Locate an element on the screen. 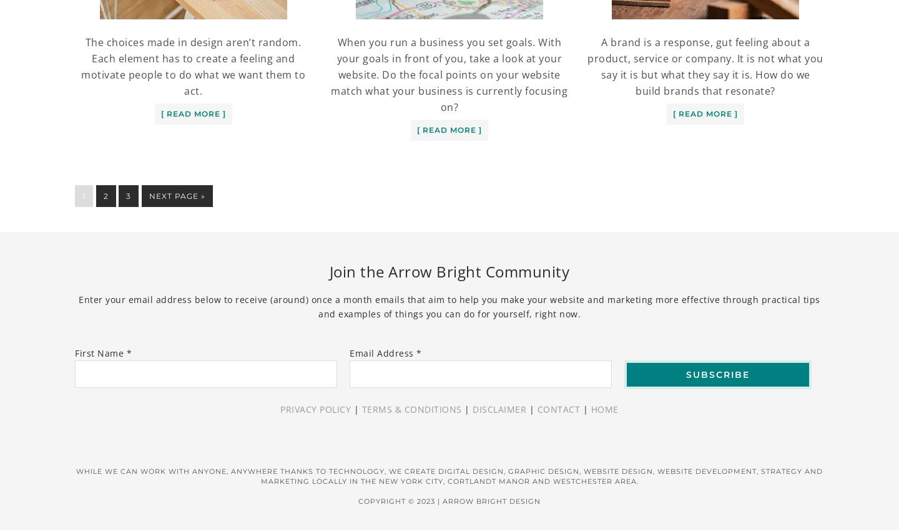  'TERMS & CONDITIONS' is located at coordinates (410, 408).